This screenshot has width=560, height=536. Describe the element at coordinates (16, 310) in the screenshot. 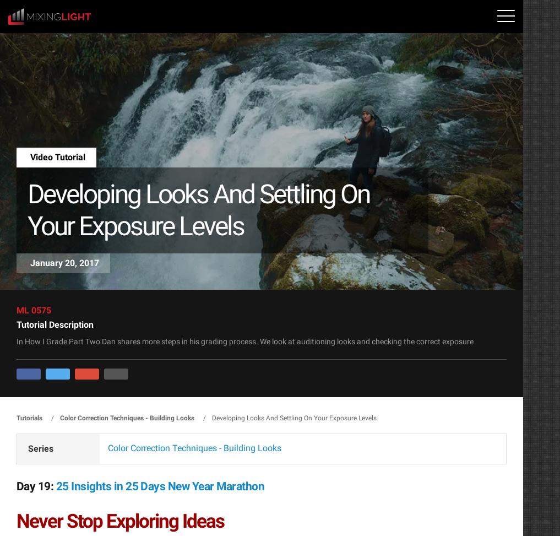

I see `'ML
                          0575'` at that location.